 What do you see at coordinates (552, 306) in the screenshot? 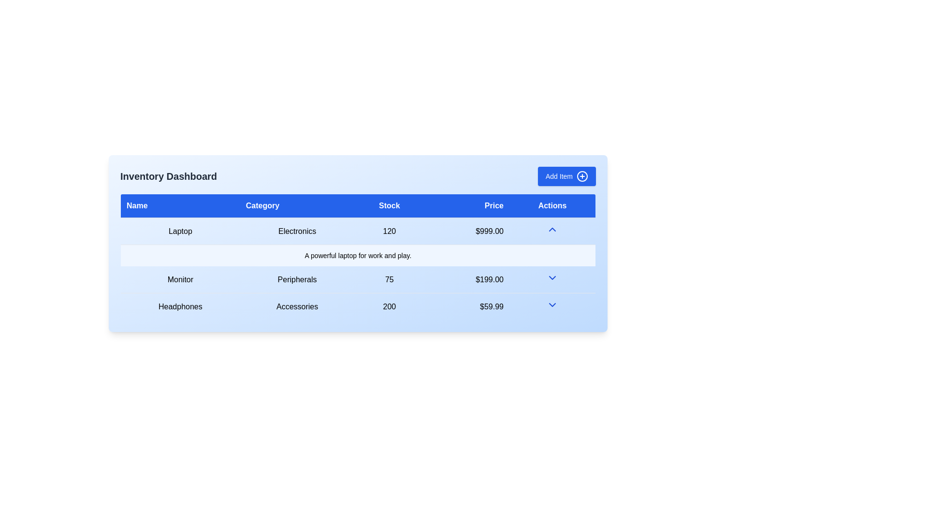
I see `the small blue downward-facing arrow icon in the 'Actions' column for the 'Headphones' product entry` at bounding box center [552, 306].